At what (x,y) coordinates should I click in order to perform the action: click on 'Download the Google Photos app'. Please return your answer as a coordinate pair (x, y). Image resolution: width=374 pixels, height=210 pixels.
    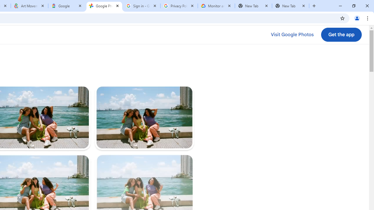
    Looking at the image, I should click on (341, 35).